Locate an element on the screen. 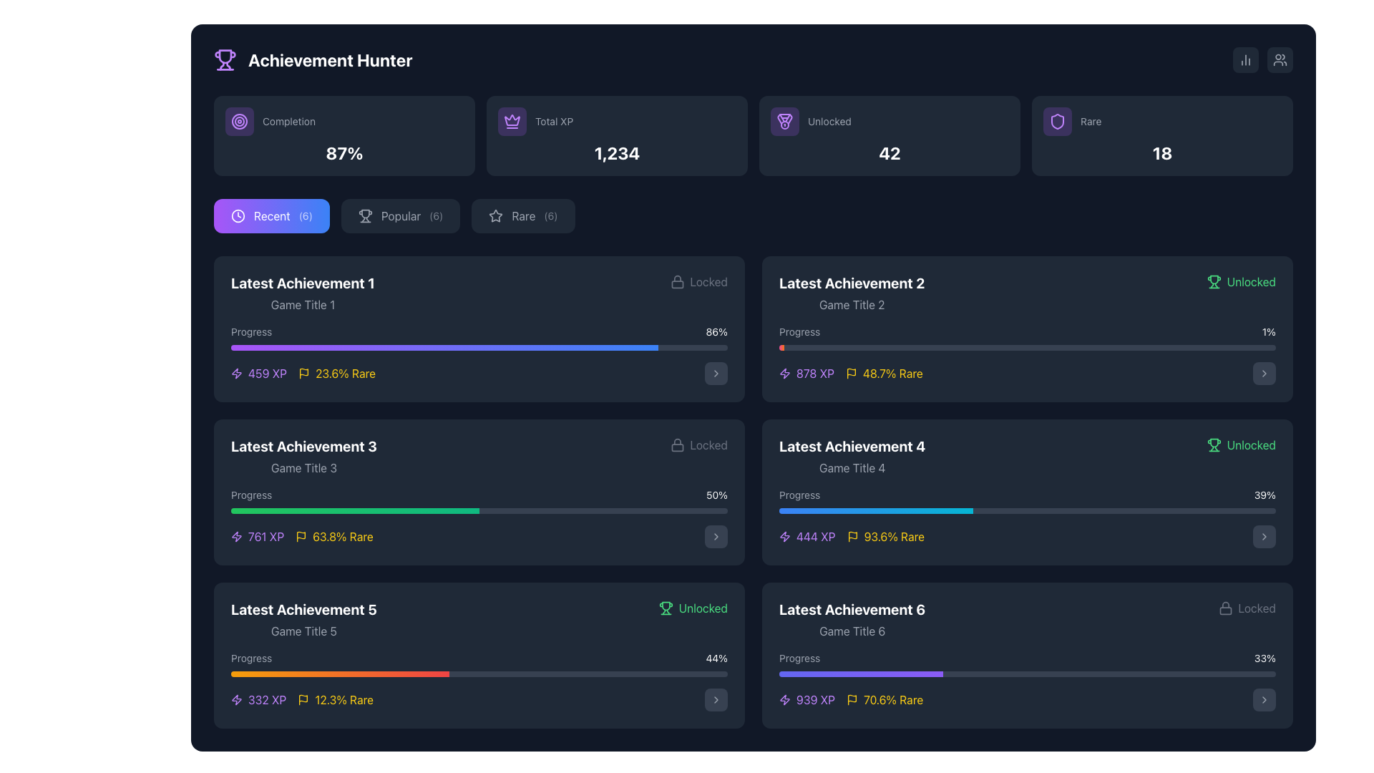 This screenshot has height=773, width=1374. the concentric circle target icon with a purple outline located in the top-left corner of the 'Completion' group, which shows '87%' as the main content is located at coordinates (240, 120).